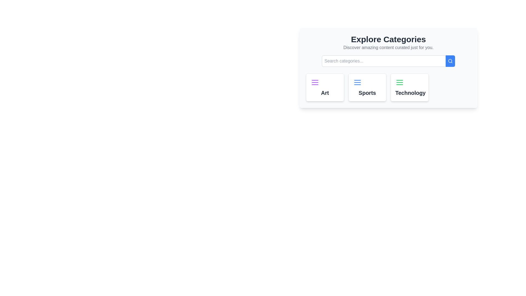 This screenshot has height=296, width=526. Describe the element at coordinates (450, 61) in the screenshot. I see `the blue search button with a white magnifying glass icon to initiate a search` at that location.